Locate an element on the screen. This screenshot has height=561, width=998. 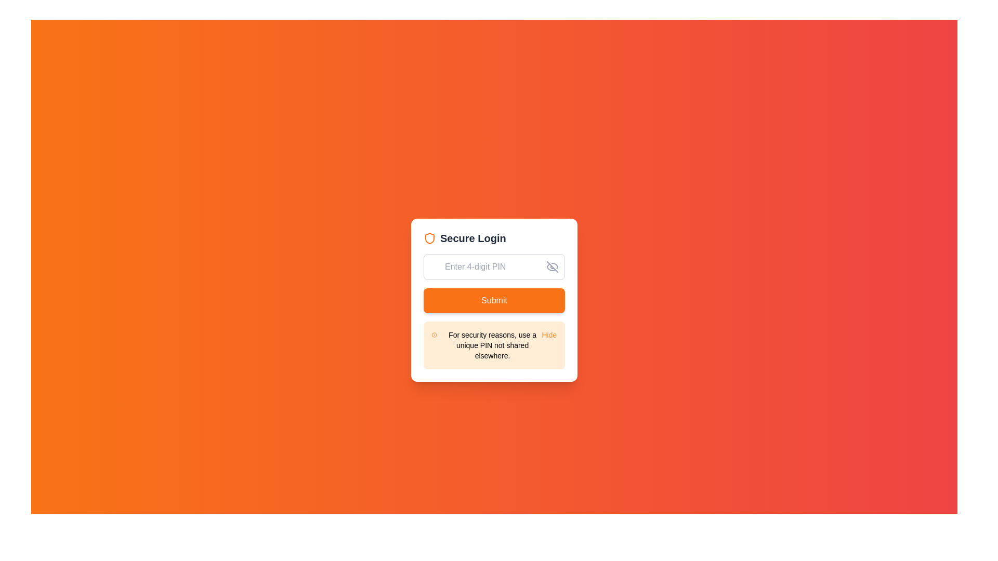
the 'Submit' button with a vibrant orange background and white text, located below the PIN input field and above the informational message block is located at coordinates (493, 300).